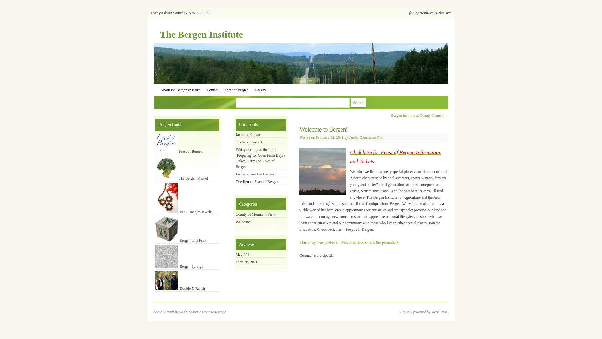  I want to click on 'permalink', so click(390, 242).